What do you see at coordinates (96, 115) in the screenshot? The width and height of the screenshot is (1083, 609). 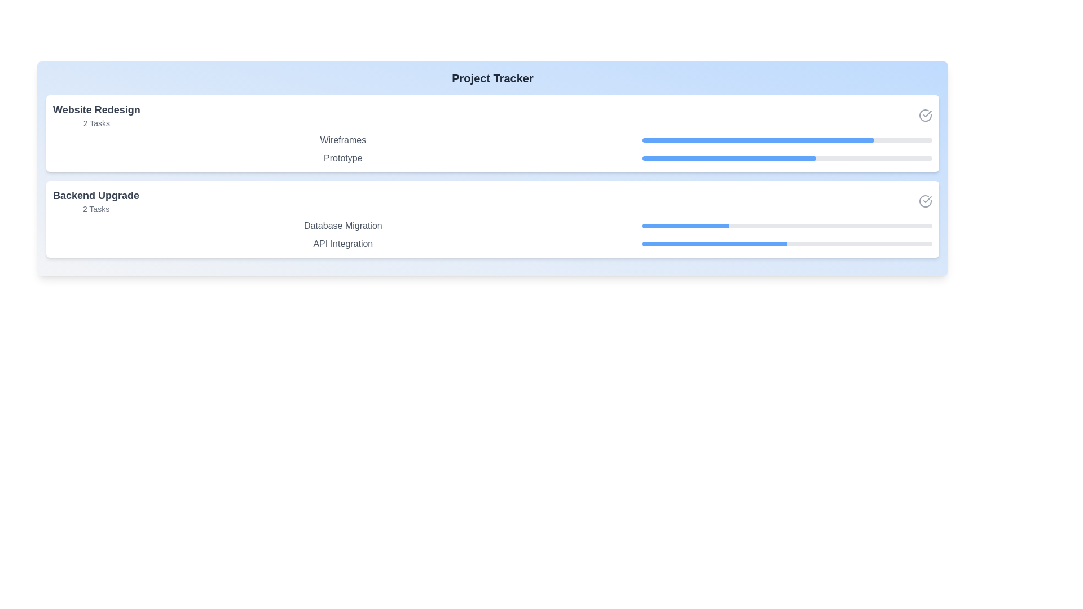 I see `the text label displaying 'Website Redesign' and '2 Tasks', located in the top-left corner of the section labeled 'Website Redesign'` at bounding box center [96, 115].